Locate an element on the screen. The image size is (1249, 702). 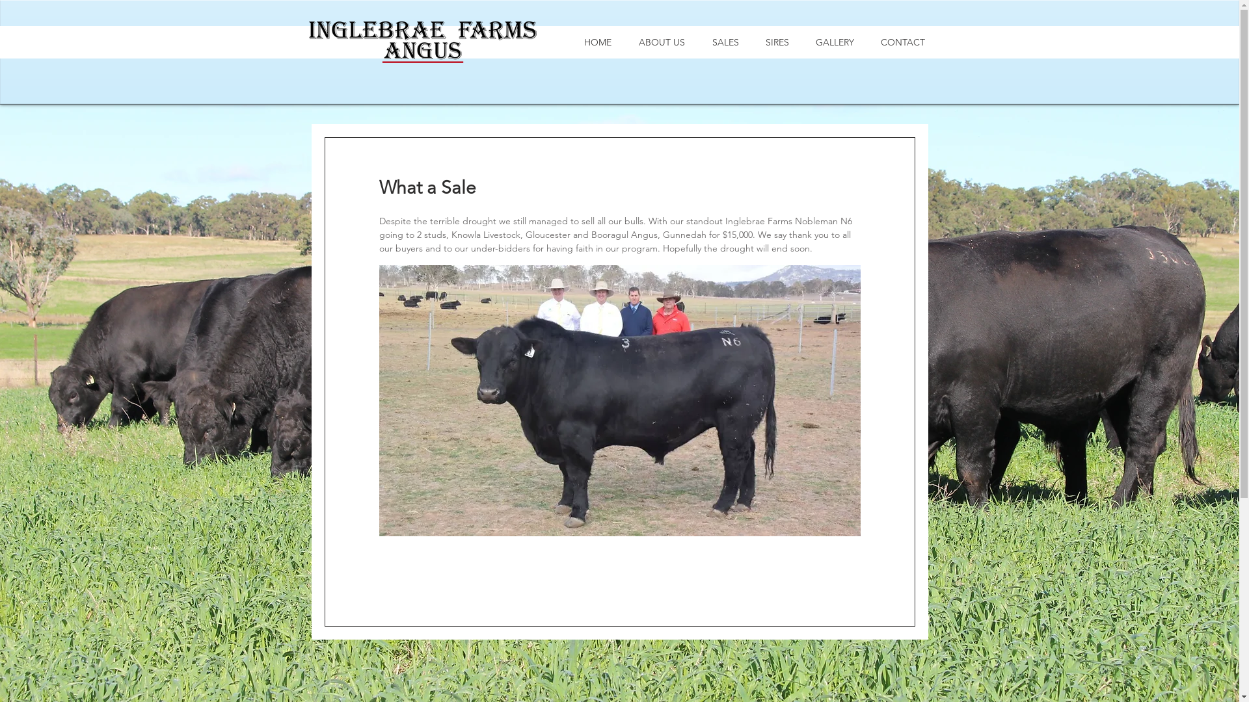
'ABOUT US' is located at coordinates (661, 42).